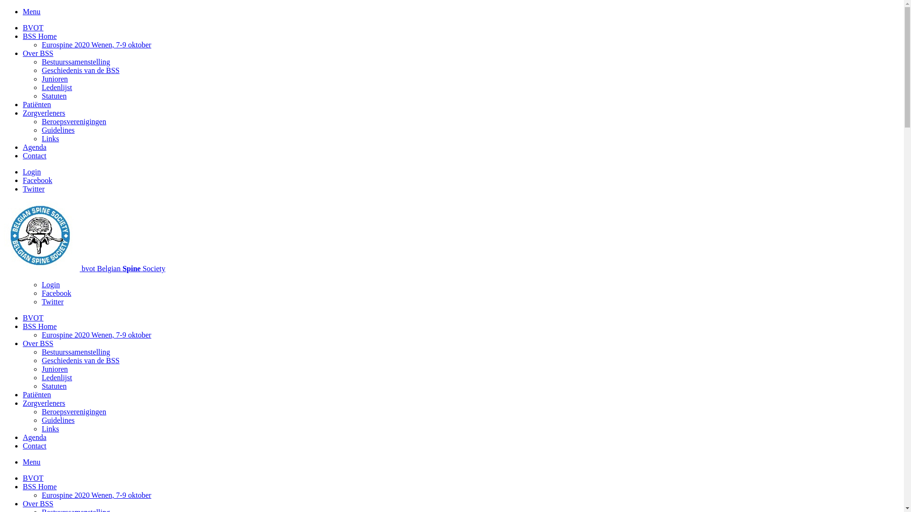 The image size is (911, 512). What do you see at coordinates (43, 403) in the screenshot?
I see `'Zorgverleners'` at bounding box center [43, 403].